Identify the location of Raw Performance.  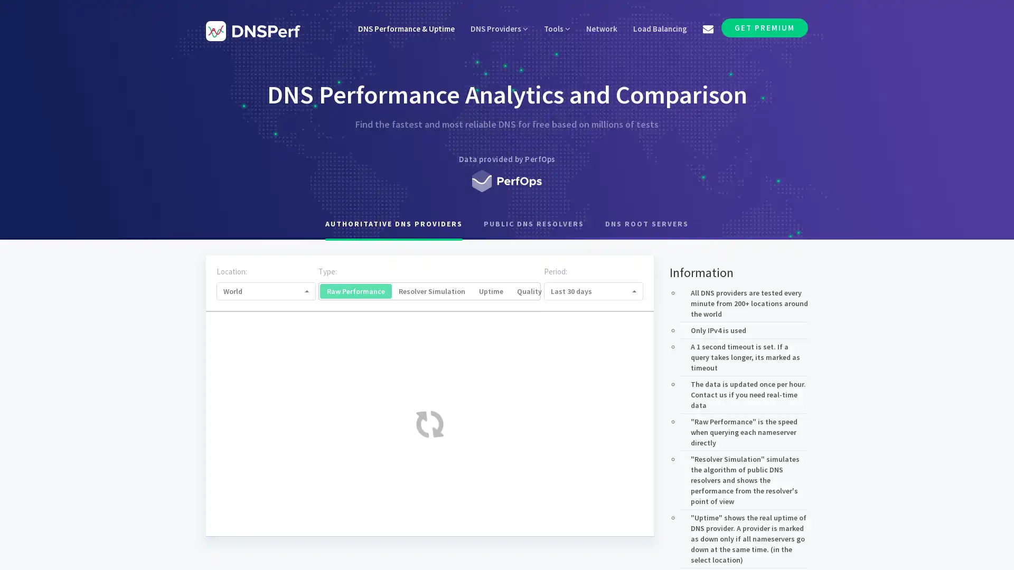
(355, 291).